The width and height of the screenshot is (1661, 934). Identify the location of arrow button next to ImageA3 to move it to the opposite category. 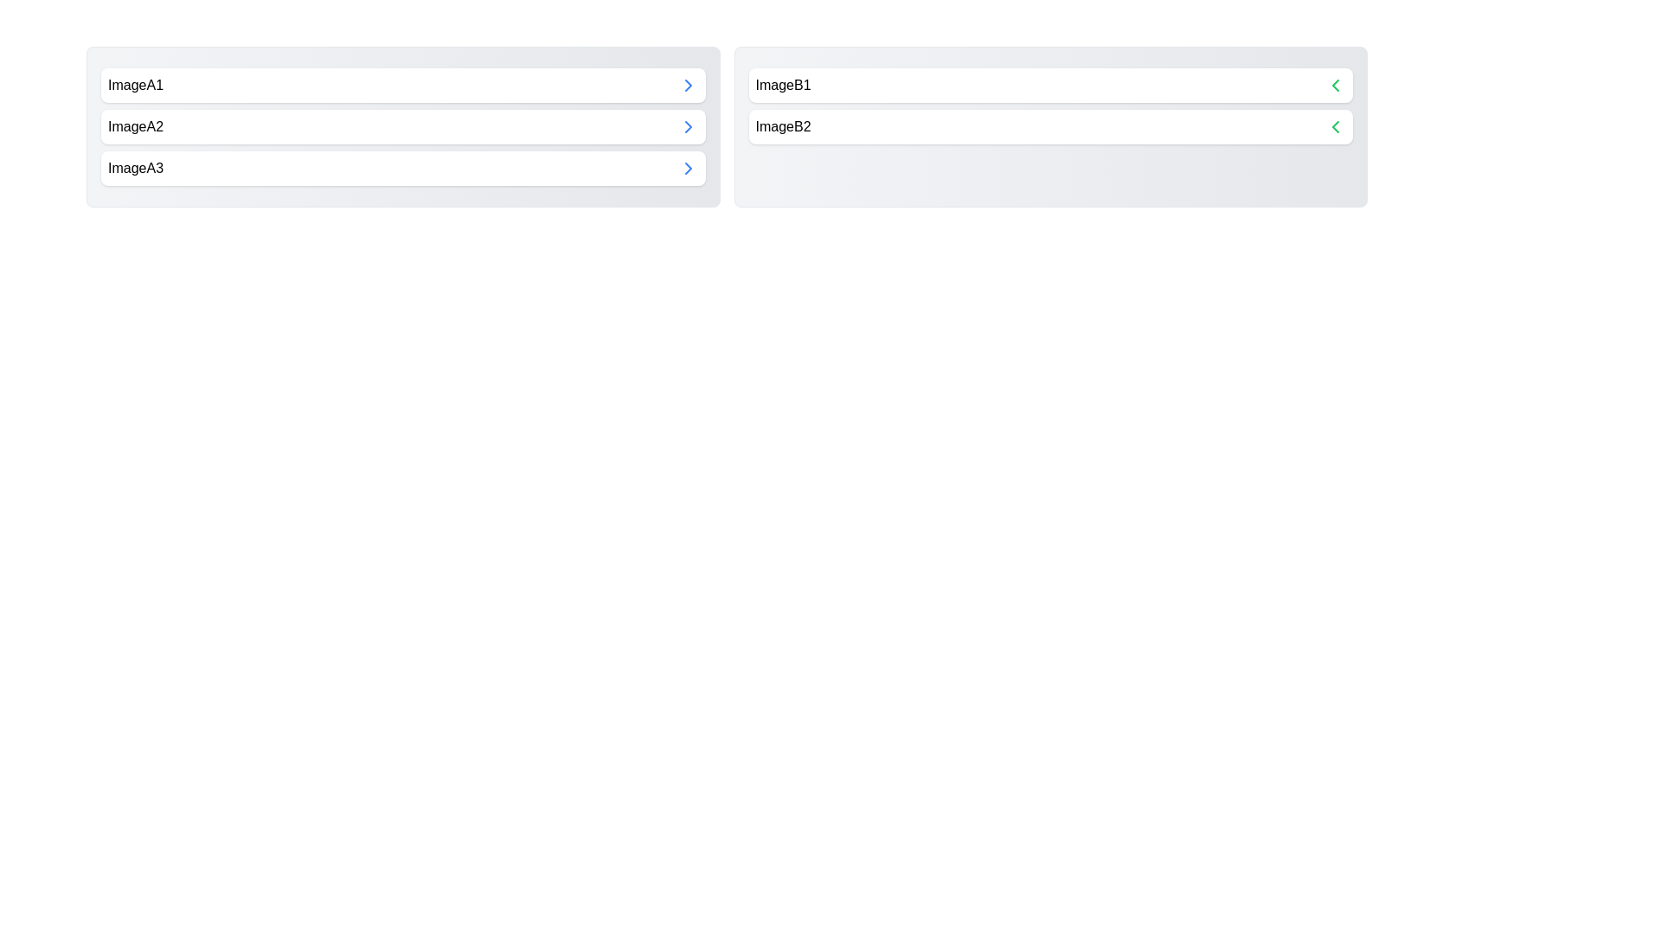
(687, 169).